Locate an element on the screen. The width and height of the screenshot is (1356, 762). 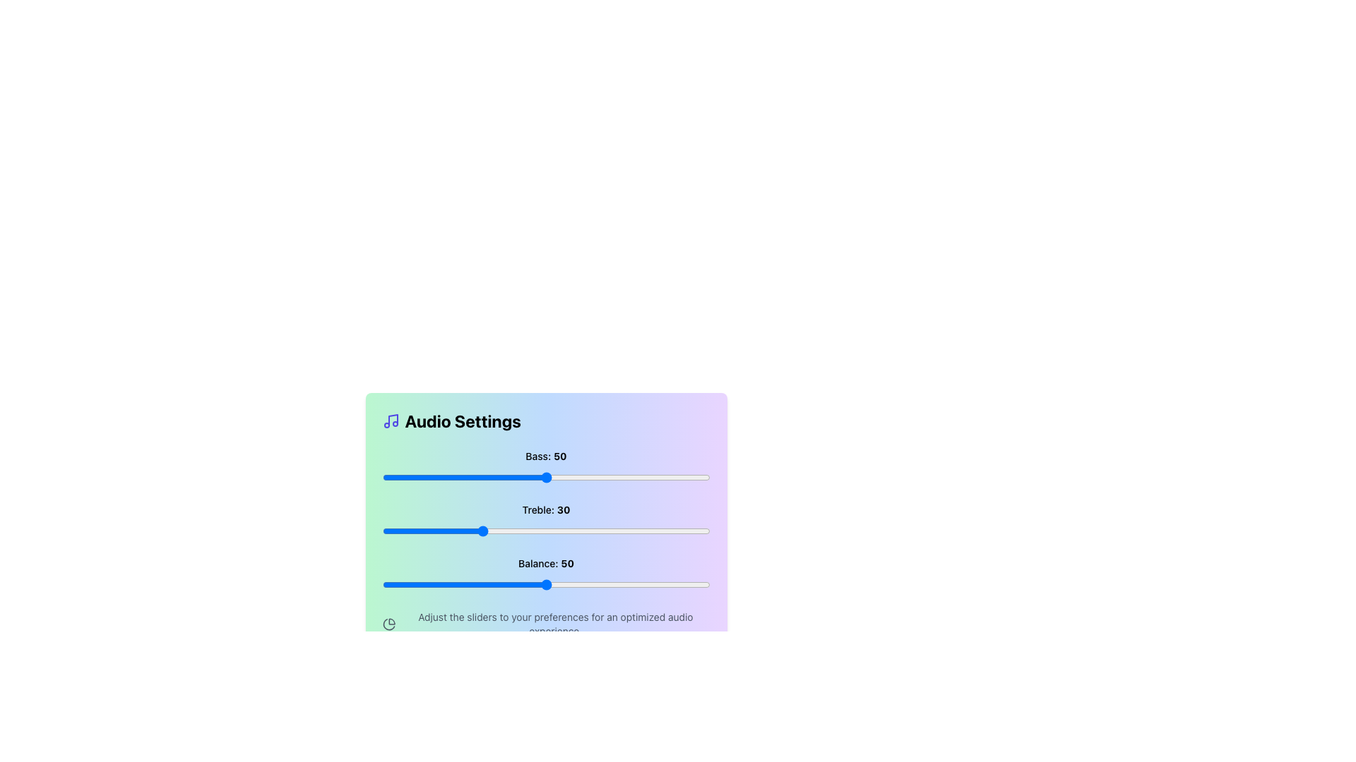
the bass is located at coordinates (552, 477).